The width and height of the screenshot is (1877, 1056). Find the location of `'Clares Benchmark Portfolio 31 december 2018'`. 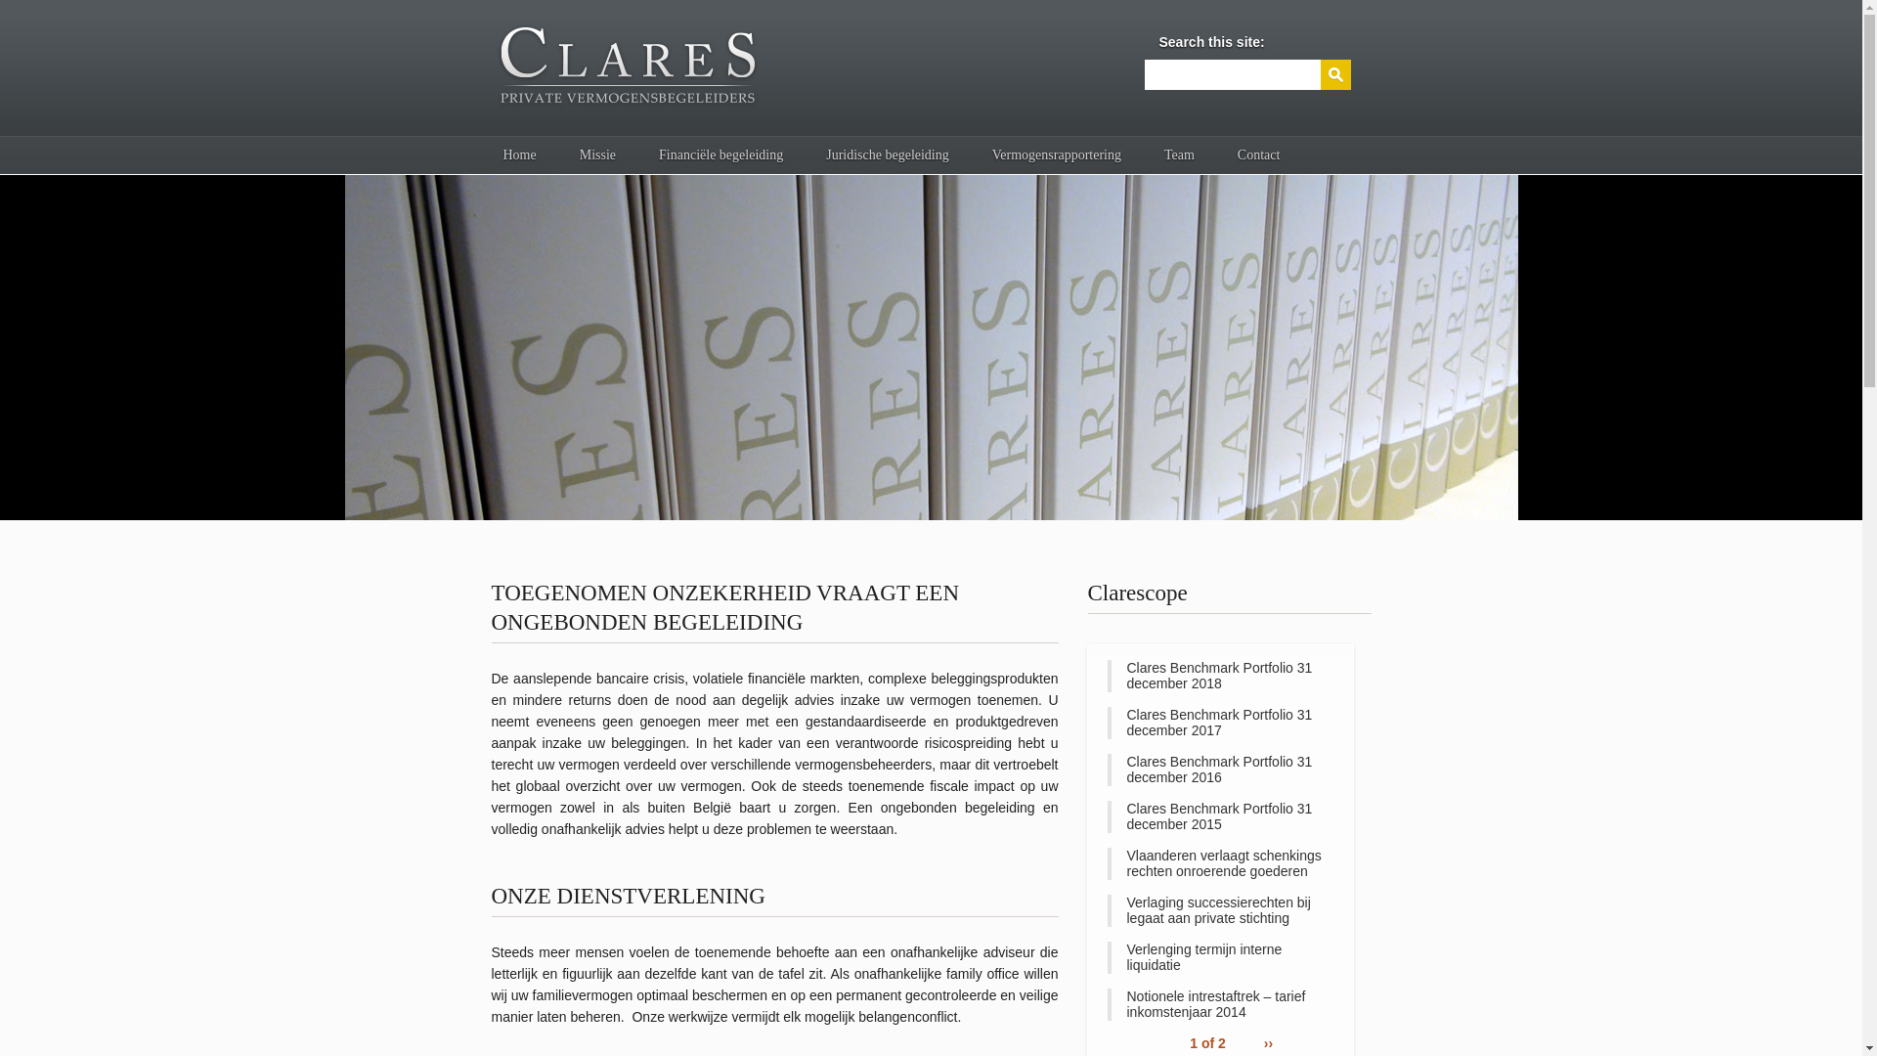

'Clares Benchmark Portfolio 31 december 2018' is located at coordinates (1218, 675).